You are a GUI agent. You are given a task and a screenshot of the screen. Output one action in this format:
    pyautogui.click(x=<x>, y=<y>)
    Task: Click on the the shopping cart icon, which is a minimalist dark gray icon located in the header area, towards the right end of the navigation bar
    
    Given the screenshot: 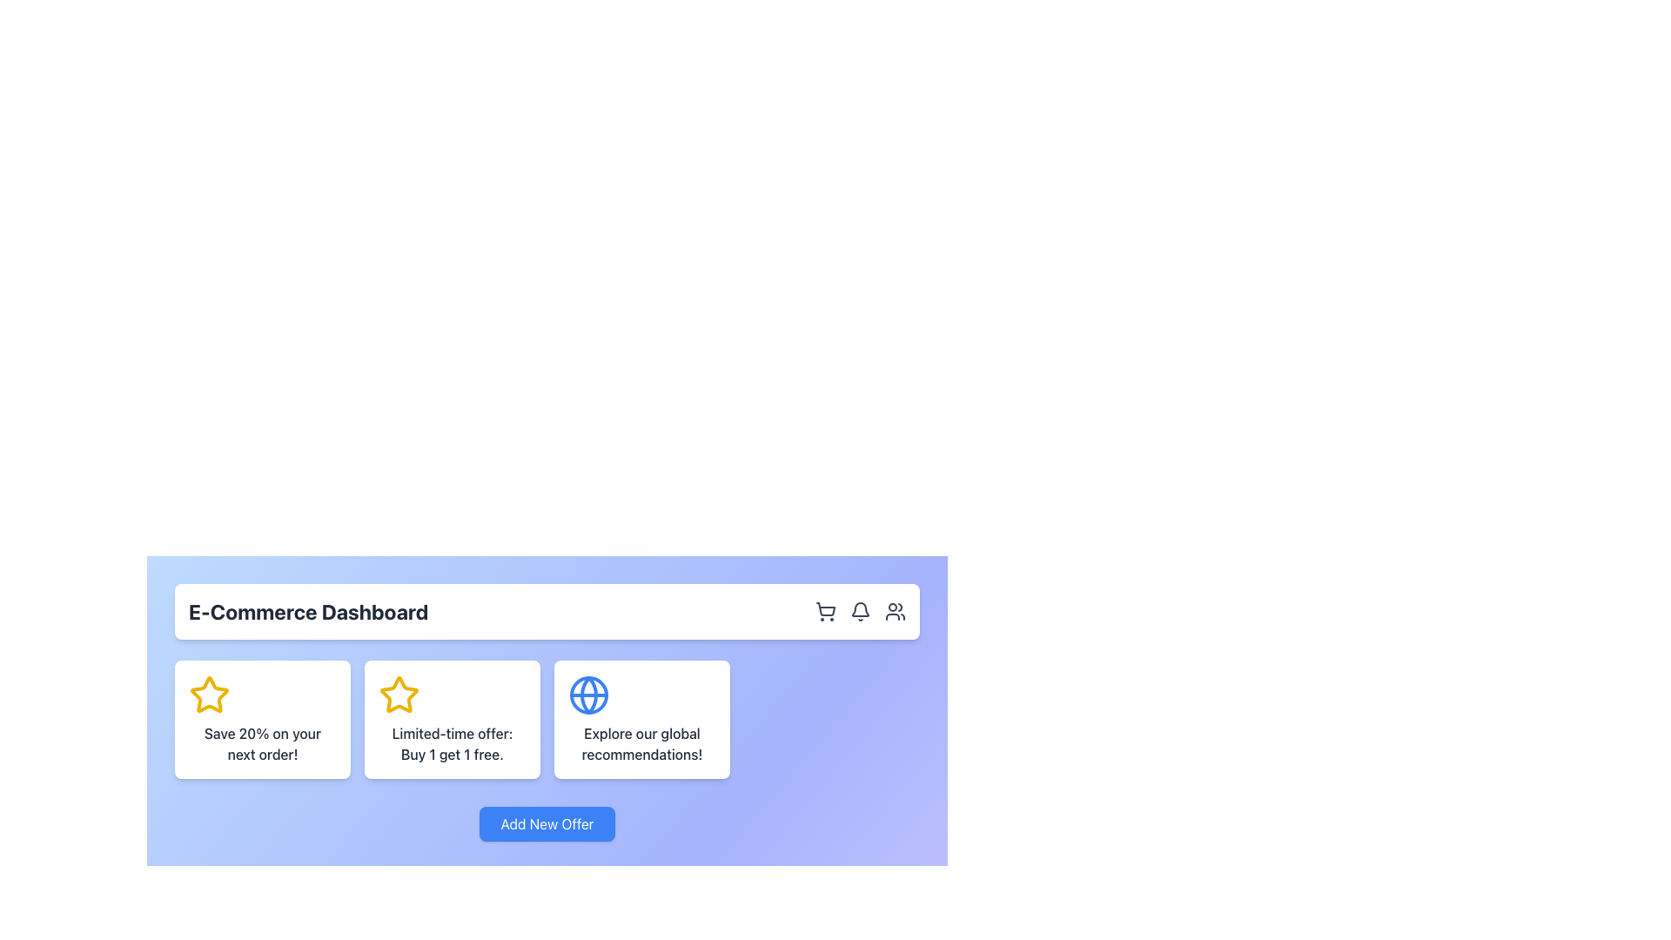 What is the action you would take?
    pyautogui.click(x=825, y=610)
    